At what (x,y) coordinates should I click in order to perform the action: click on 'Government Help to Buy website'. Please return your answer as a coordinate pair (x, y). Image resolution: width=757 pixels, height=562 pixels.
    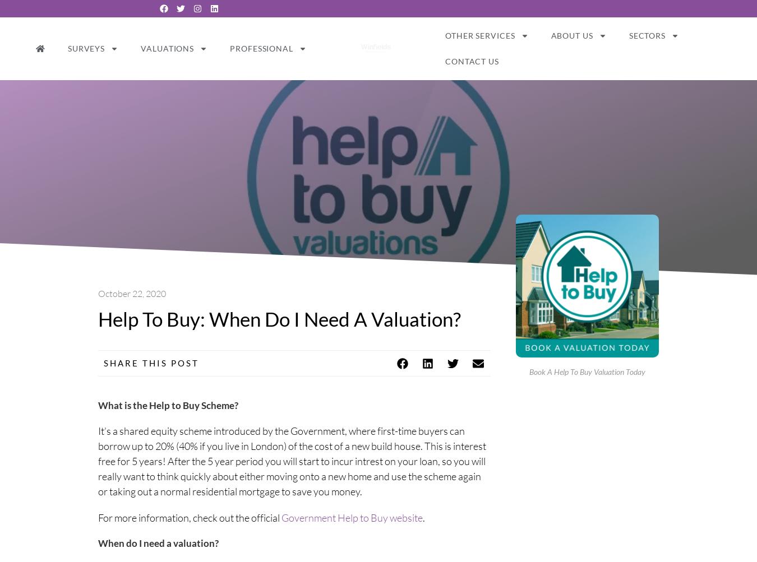
    Looking at the image, I should click on (352, 517).